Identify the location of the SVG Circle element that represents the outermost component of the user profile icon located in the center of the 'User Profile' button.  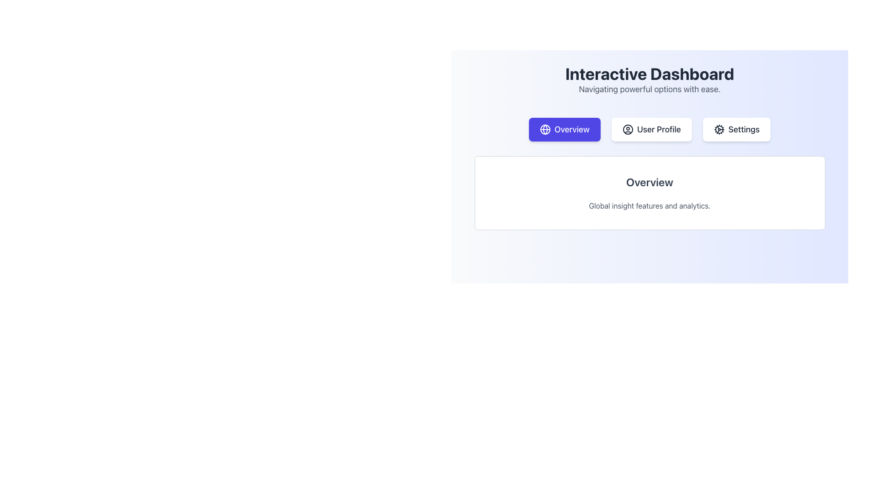
(627, 130).